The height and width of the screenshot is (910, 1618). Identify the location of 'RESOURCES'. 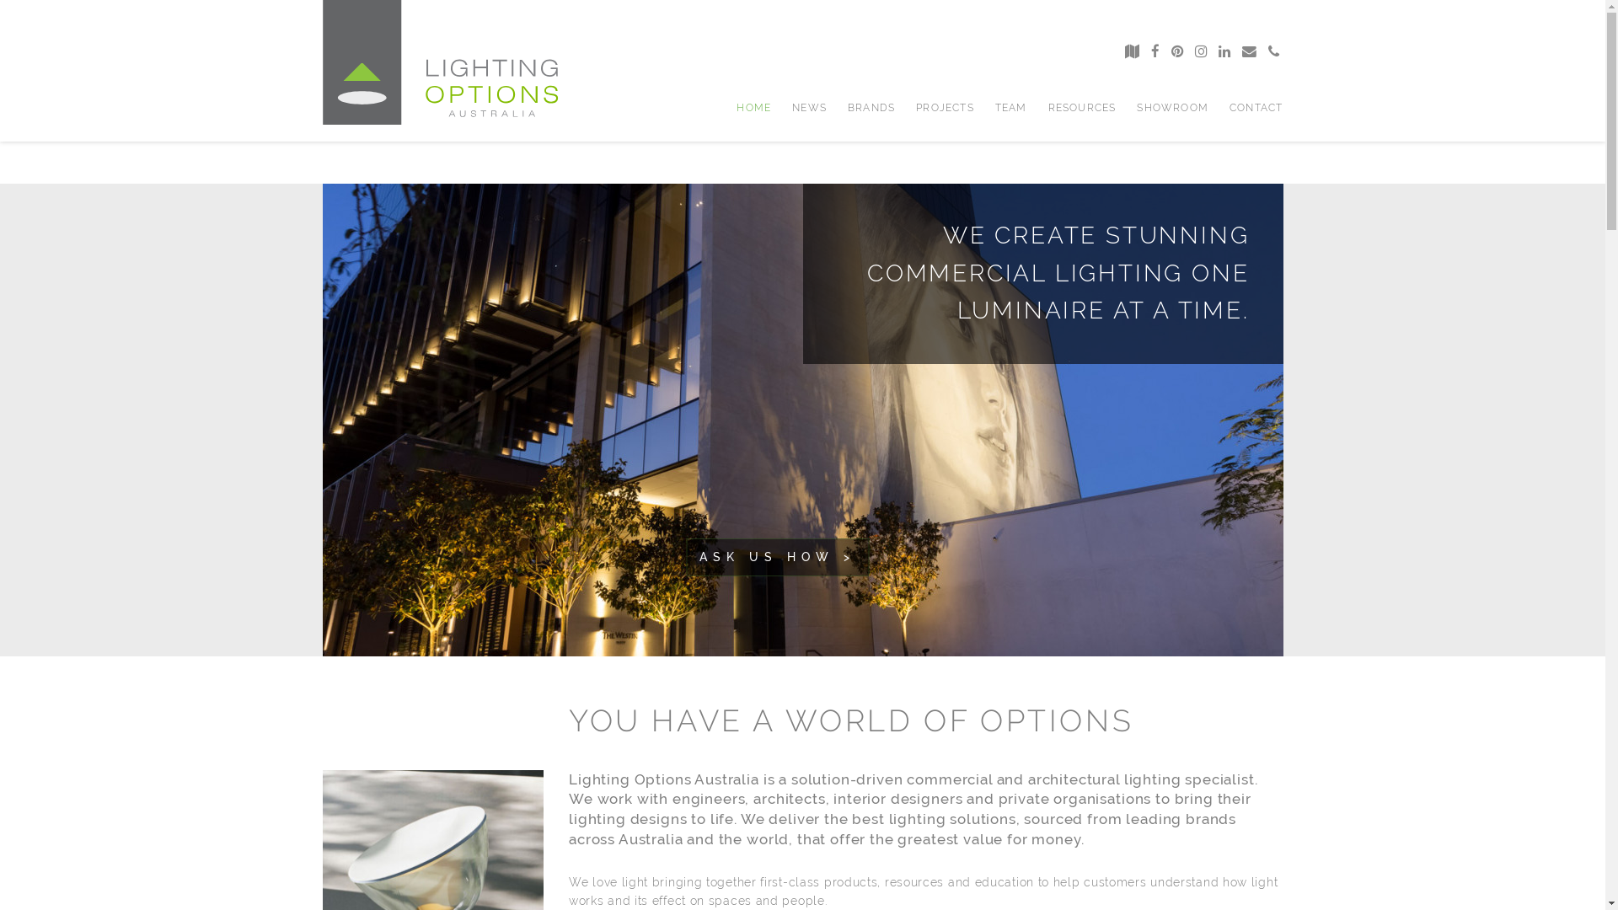
(1082, 107).